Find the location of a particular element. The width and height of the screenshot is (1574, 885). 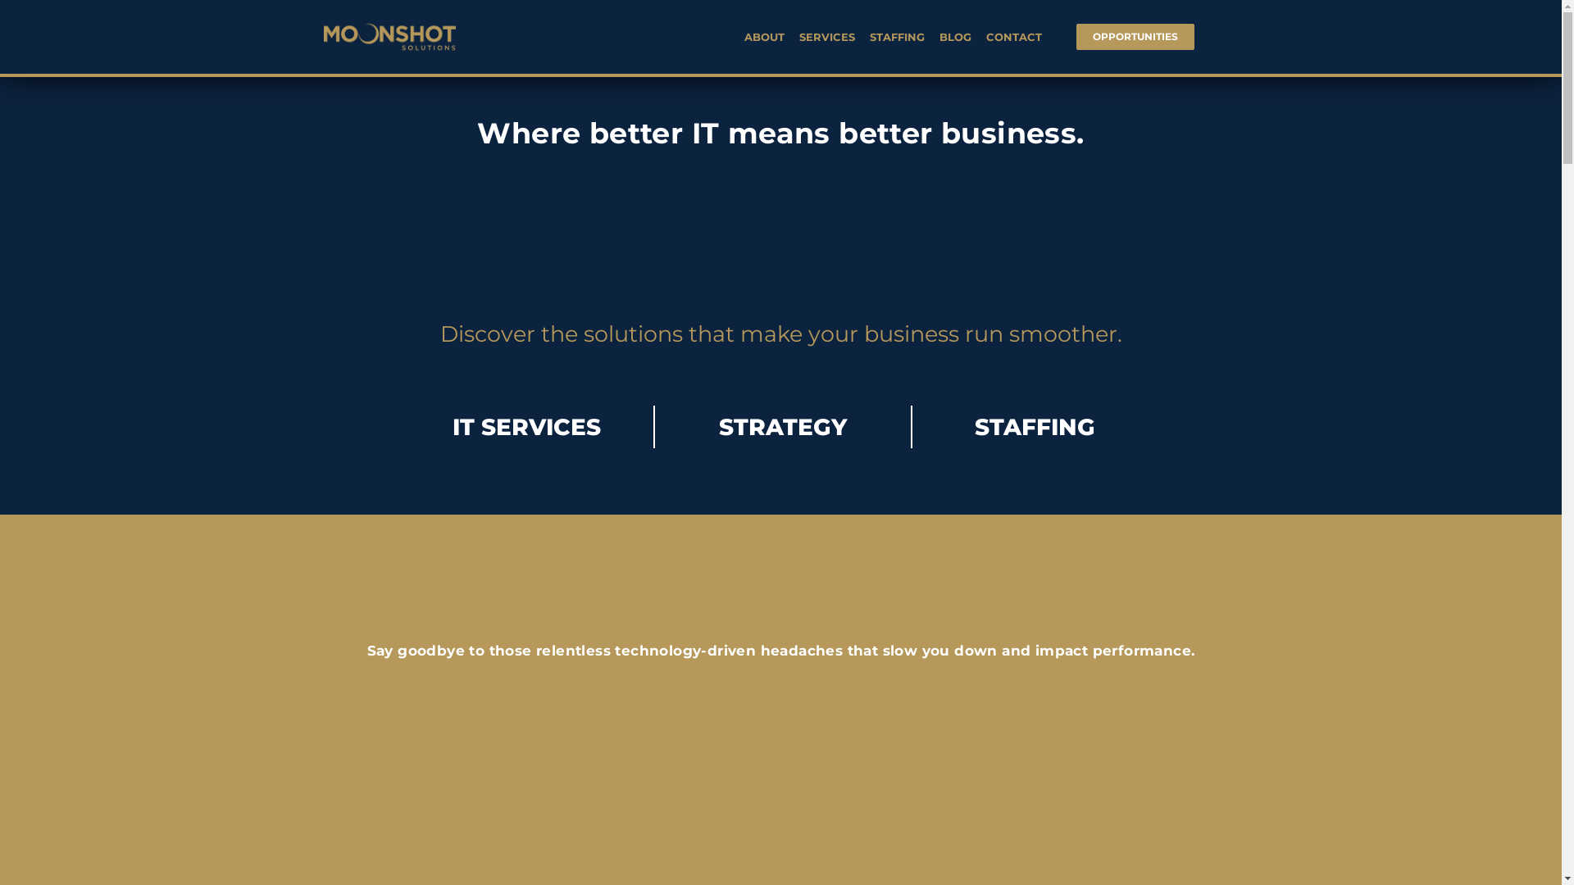

'OPPORTUNITIES' is located at coordinates (1135, 37).